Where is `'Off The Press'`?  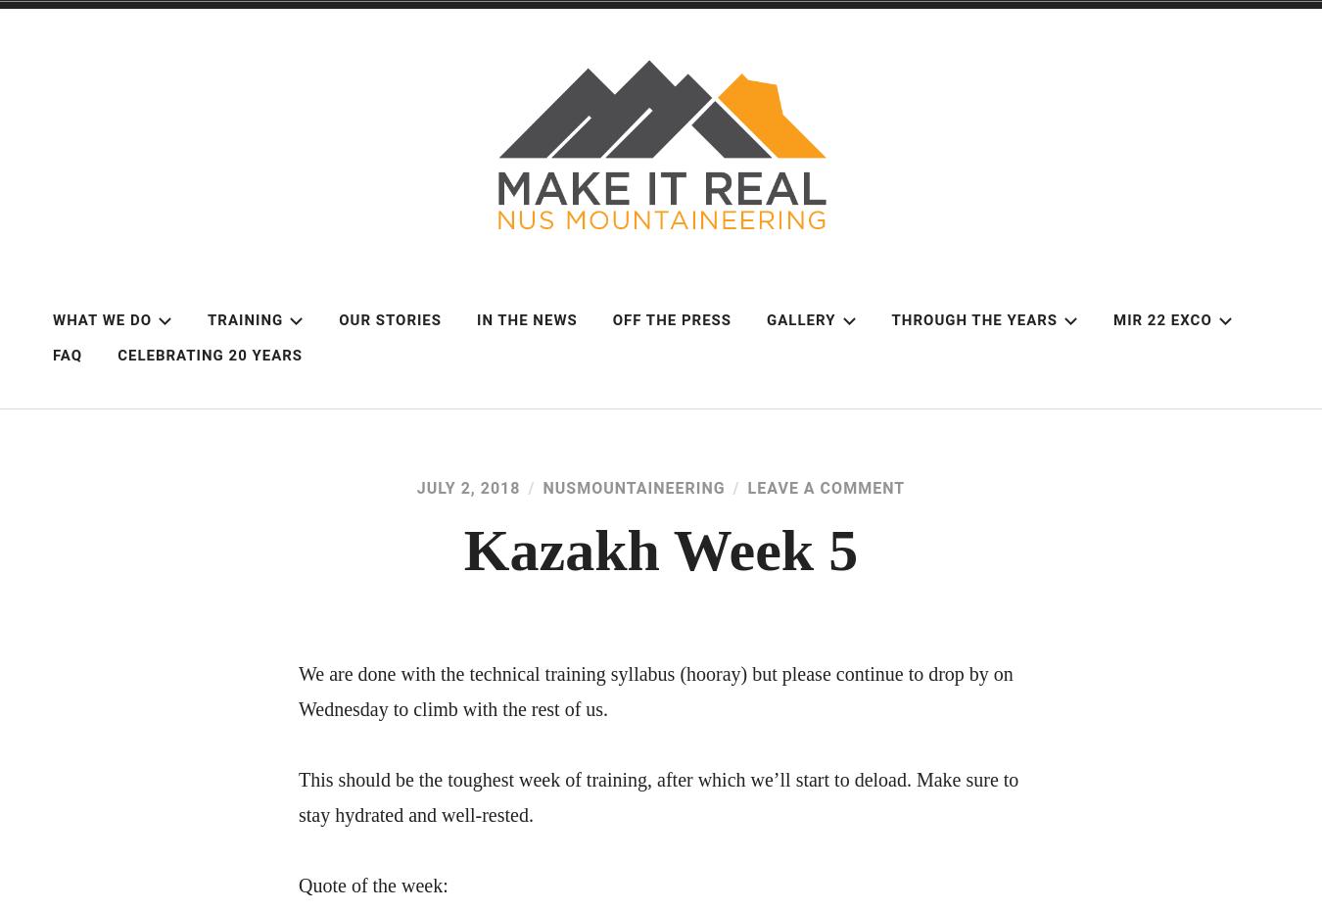 'Off The Press' is located at coordinates (612, 318).